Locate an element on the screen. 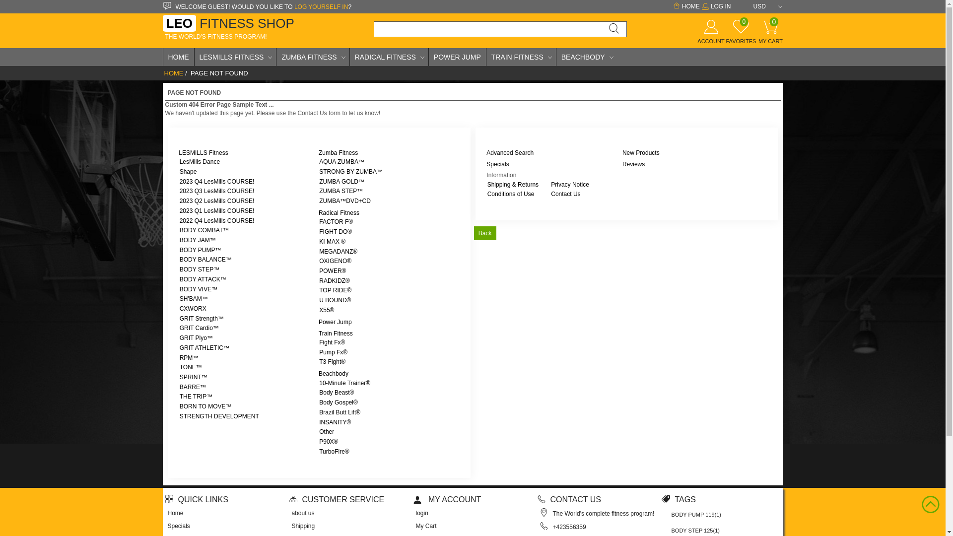  'Zumba Fitness' is located at coordinates (338, 153).